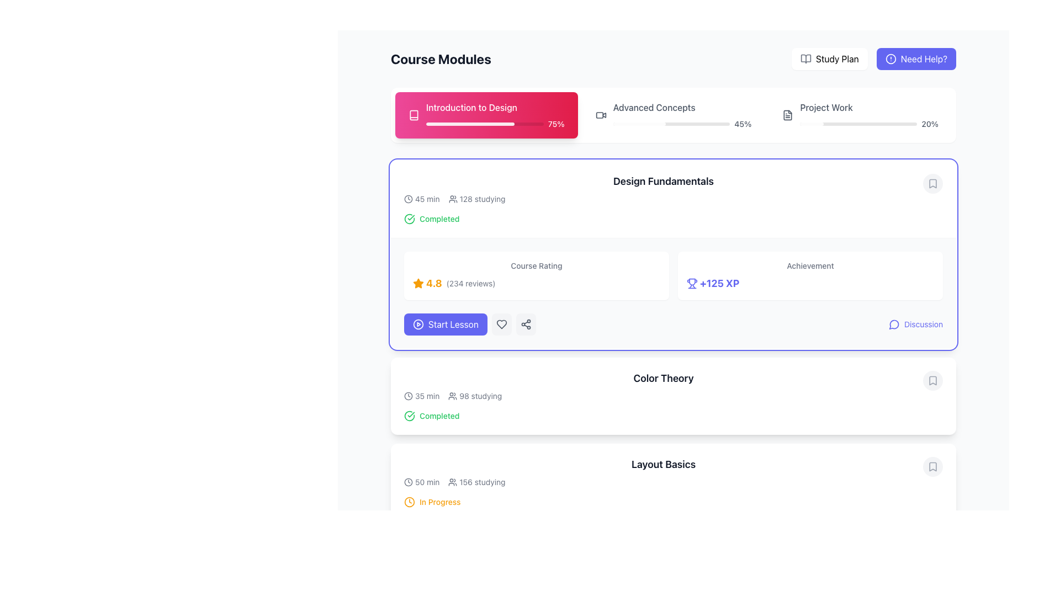 The image size is (1060, 596). What do you see at coordinates (453, 395) in the screenshot?
I see `the icon representing the number of users engaged in the 'Color Theory' section beneath the 'Design Fundamentals' module` at bounding box center [453, 395].